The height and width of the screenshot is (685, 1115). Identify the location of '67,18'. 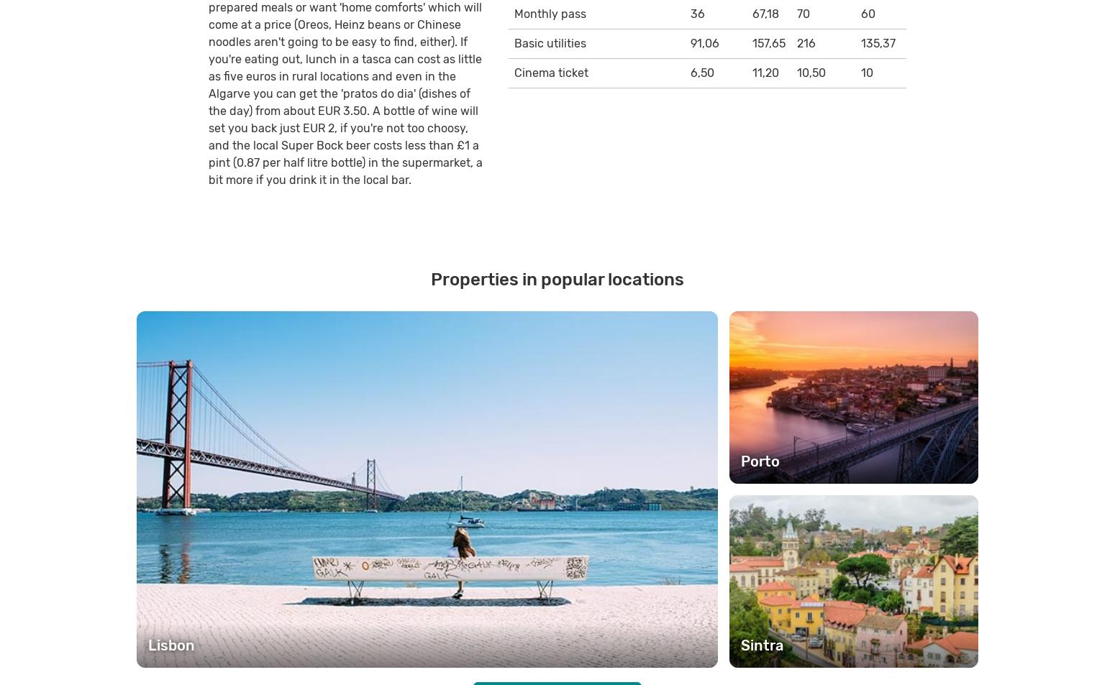
(765, 12).